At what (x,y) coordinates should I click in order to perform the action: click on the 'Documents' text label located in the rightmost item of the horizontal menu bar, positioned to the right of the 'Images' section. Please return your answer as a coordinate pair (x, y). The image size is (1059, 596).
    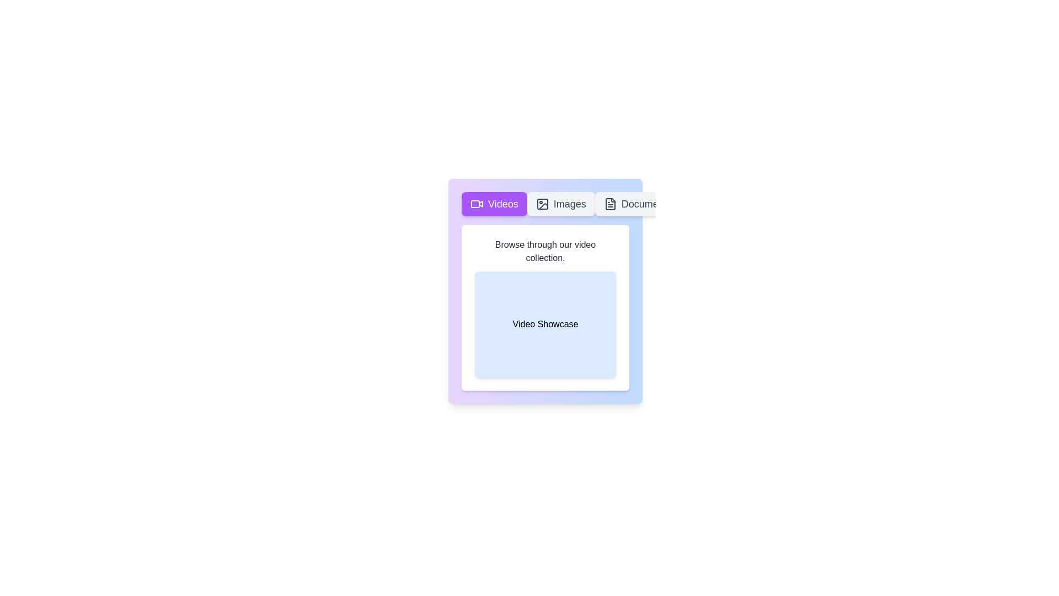
    Looking at the image, I should click on (646, 204).